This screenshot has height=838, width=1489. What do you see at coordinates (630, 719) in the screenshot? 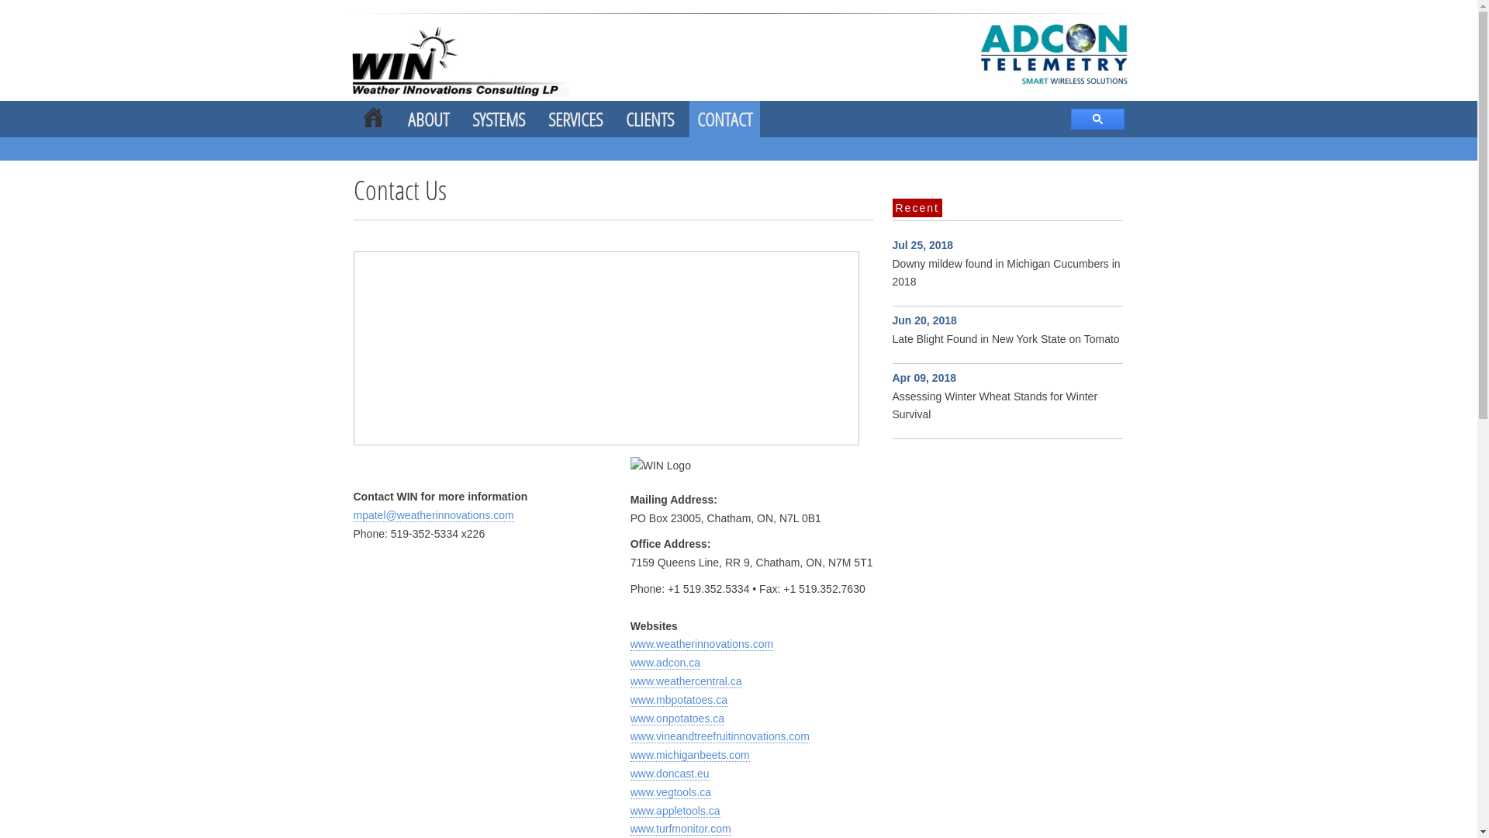
I see `'www.onpotatoes.ca'` at bounding box center [630, 719].